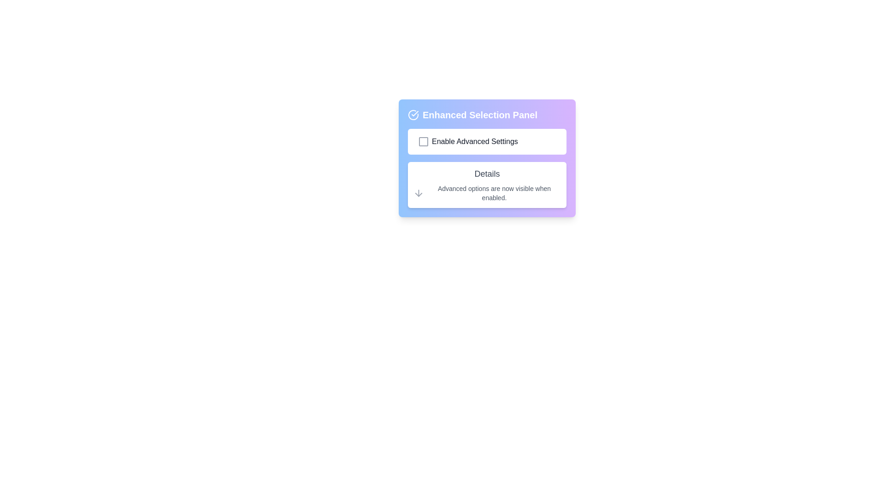  What do you see at coordinates (414, 113) in the screenshot?
I see `the checkmark icon located inside the circular border at the top-left corner of the 'Enhanced Selection Panel'` at bounding box center [414, 113].